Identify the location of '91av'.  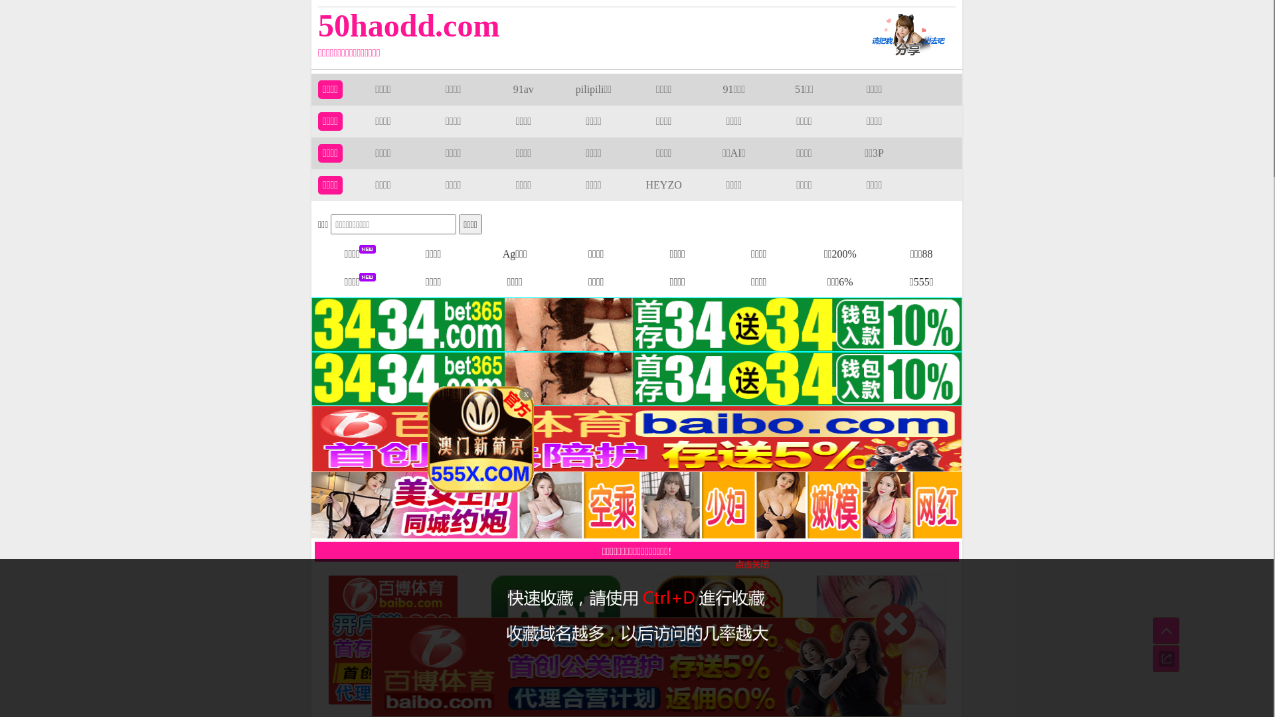
(523, 89).